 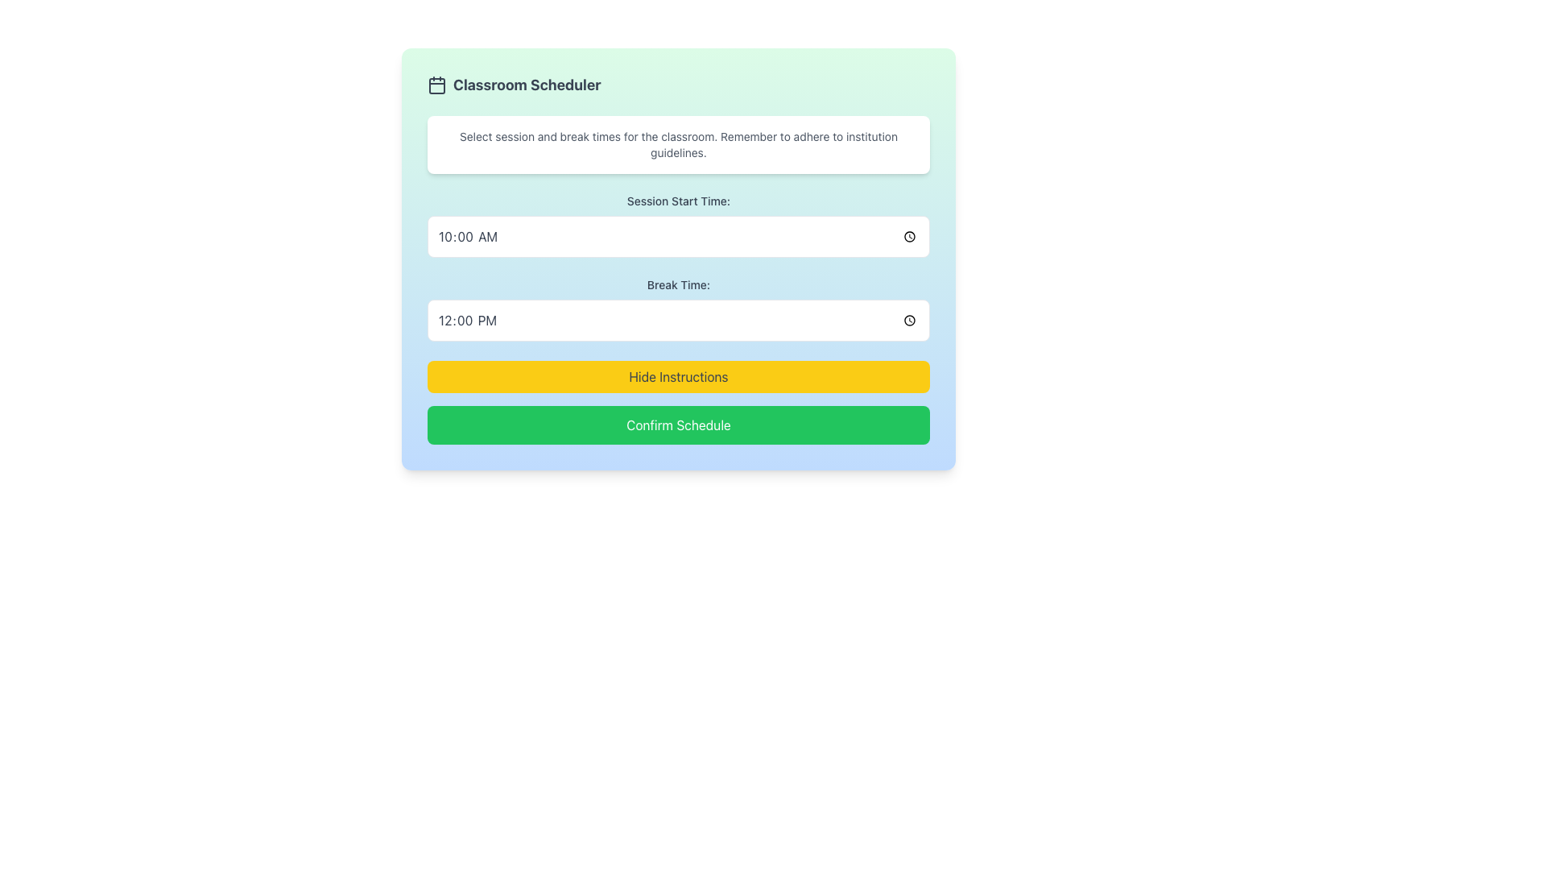 What do you see at coordinates (679, 284) in the screenshot?
I see `text label displaying 'Break Time:' which is a small, gray-colored text element located above the input field for break time` at bounding box center [679, 284].